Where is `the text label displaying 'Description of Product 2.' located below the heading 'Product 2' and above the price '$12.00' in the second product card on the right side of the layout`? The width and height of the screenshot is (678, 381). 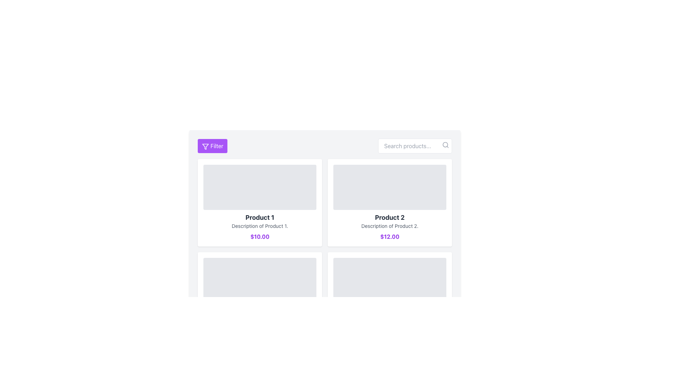
the text label displaying 'Description of Product 2.' located below the heading 'Product 2' and above the price '$12.00' in the second product card on the right side of the layout is located at coordinates (389, 226).